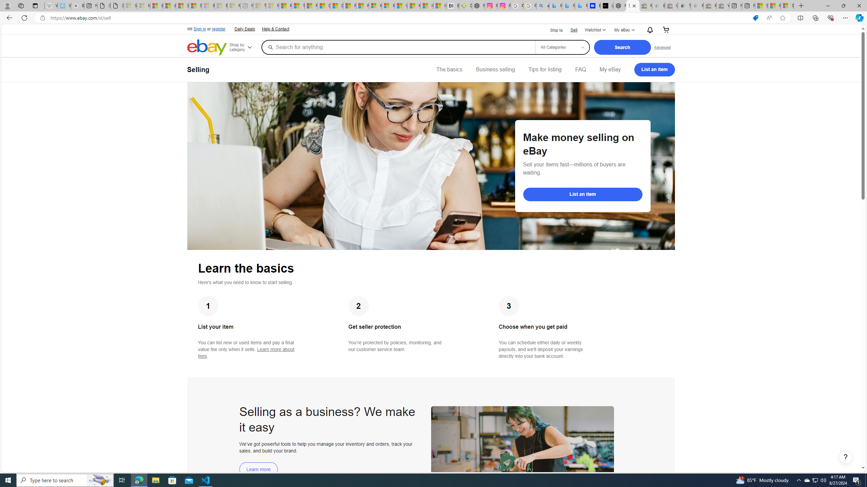 The image size is (867, 487). What do you see at coordinates (552, 29) in the screenshot?
I see `'Ship to'` at bounding box center [552, 29].